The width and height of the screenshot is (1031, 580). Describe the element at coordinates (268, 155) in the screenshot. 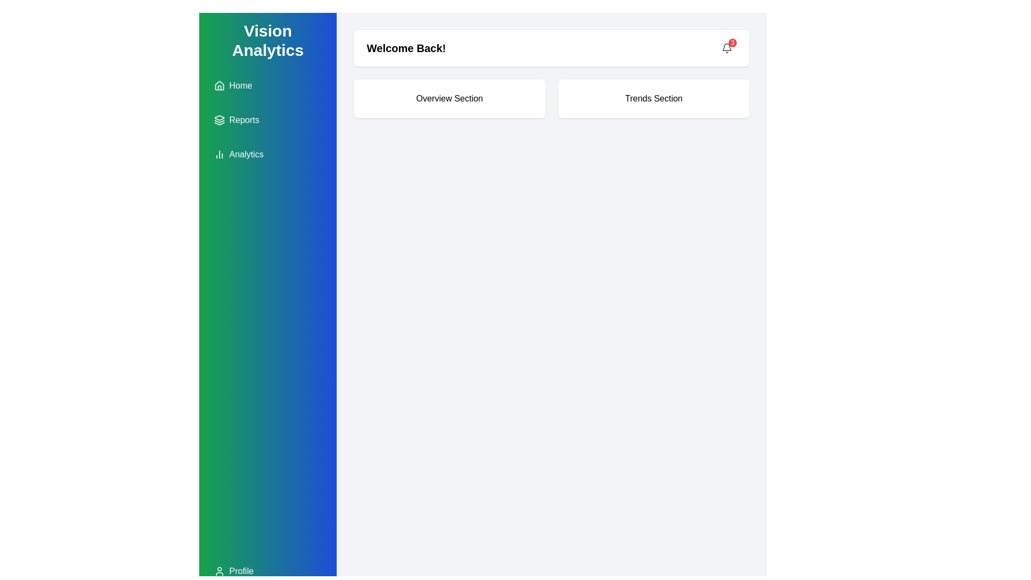

I see `the 'Analytics' button in the left sidebar` at that location.